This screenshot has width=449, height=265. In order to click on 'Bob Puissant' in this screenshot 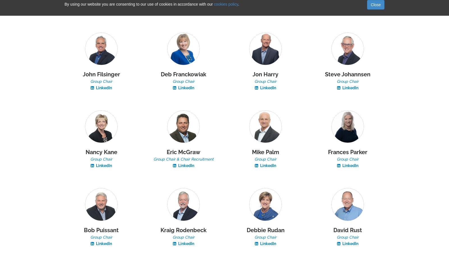, I will do `click(101, 230)`.